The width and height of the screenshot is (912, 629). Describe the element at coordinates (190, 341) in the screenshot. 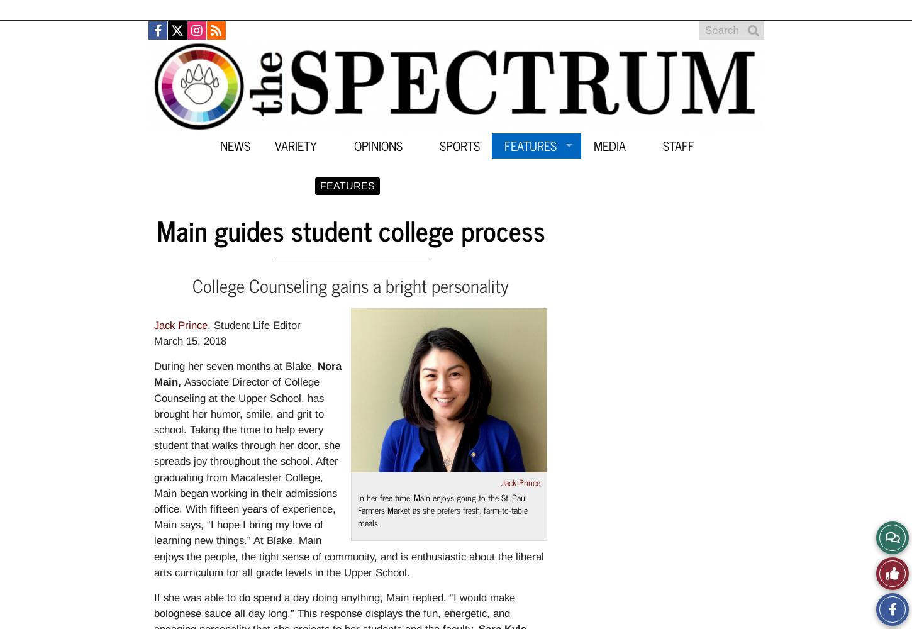

I see `'March 15, 2018'` at that location.